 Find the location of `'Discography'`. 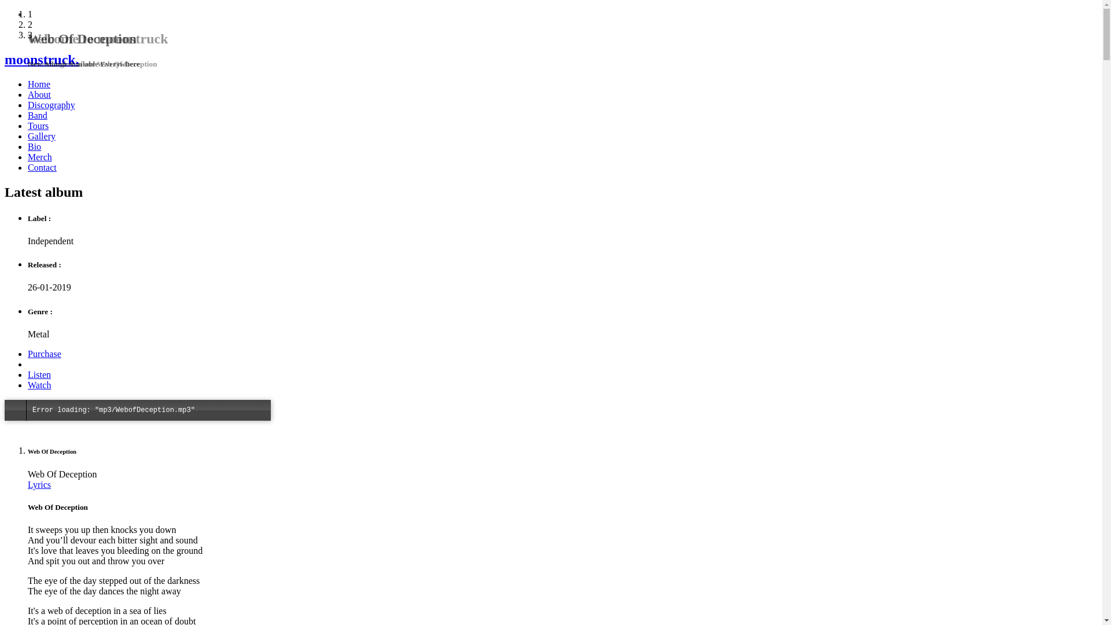

'Discography' is located at coordinates (28, 105).